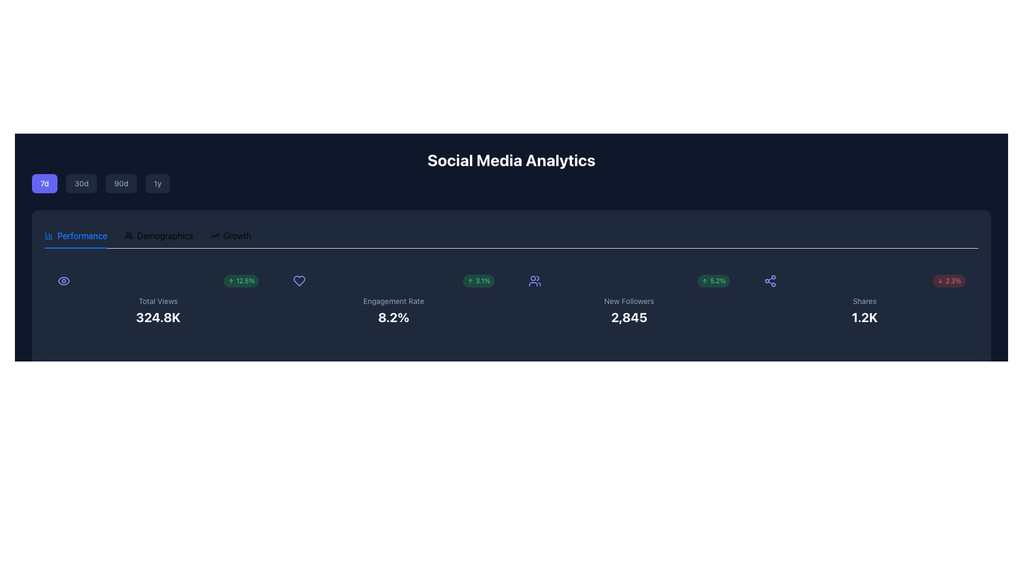 Image resolution: width=1023 pixels, height=575 pixels. Describe the element at coordinates (75, 235) in the screenshot. I see `the 'Performance' tab element located in the upper-left corner of the tab area to switch the displayed data to the Performance section of the analytics interface` at that location.